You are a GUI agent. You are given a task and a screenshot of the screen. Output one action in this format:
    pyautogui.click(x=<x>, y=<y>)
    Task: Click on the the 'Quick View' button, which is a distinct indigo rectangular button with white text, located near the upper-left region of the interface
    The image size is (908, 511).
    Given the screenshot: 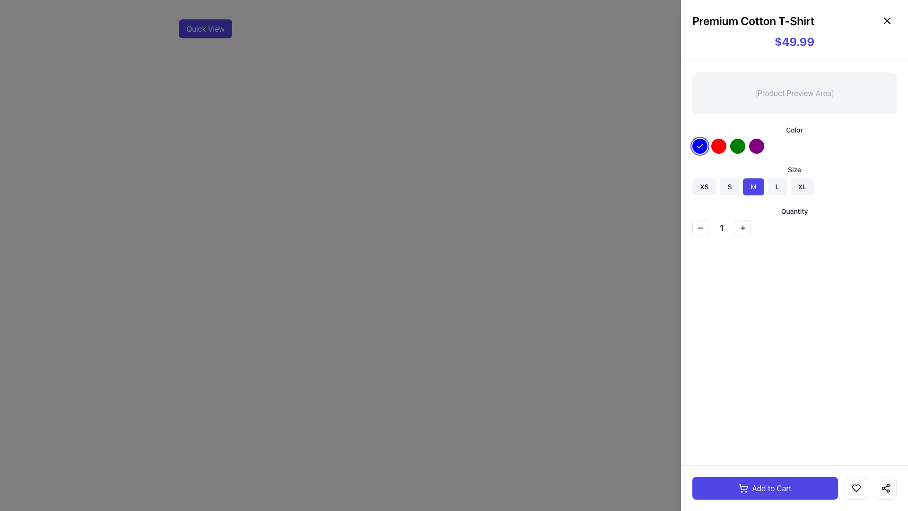 What is the action you would take?
    pyautogui.click(x=205, y=28)
    